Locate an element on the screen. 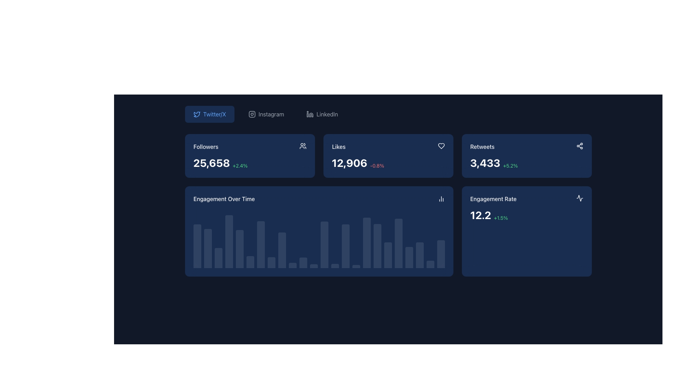 The height and width of the screenshot is (381, 678). the ninth graphical bar in the data visualization chart titled 'Engagement Over Time', which represents user engagement metrics is located at coordinates (281, 250).